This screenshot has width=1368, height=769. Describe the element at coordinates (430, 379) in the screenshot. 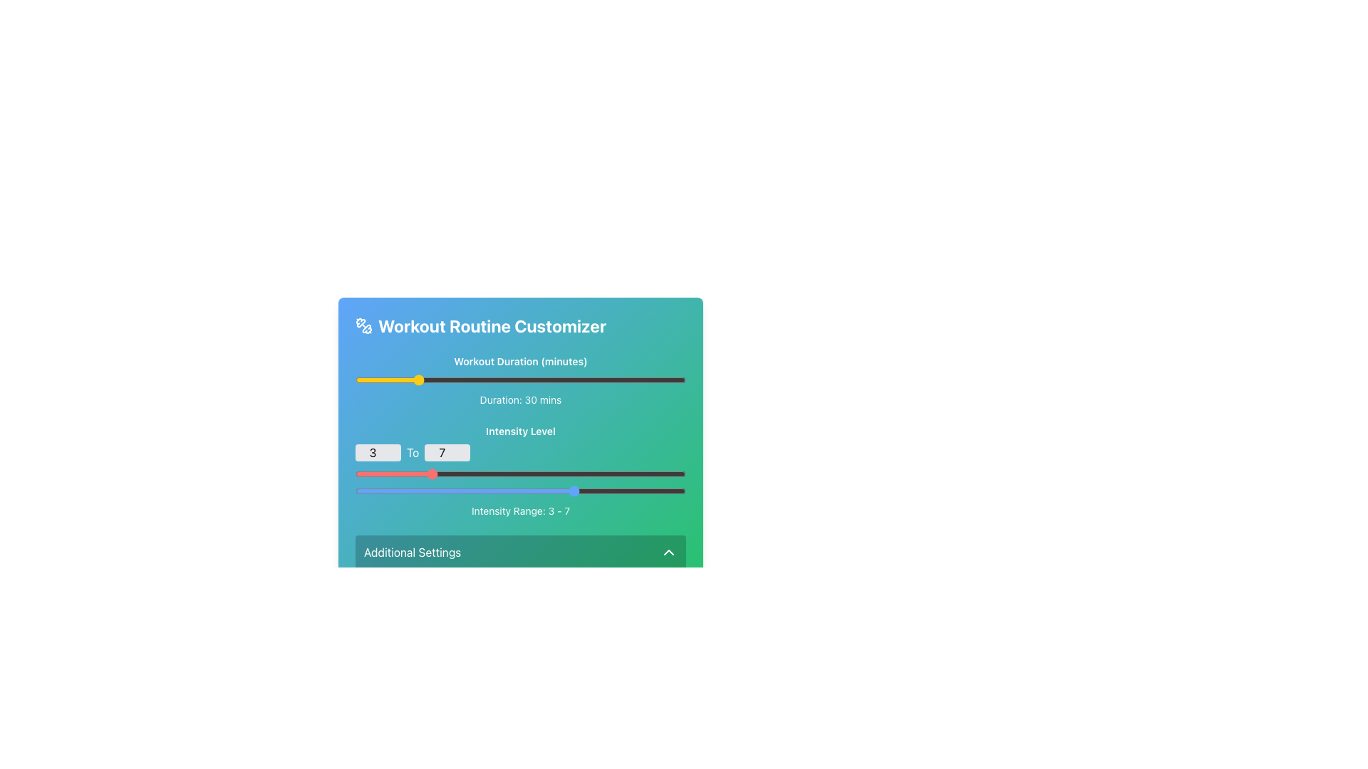

I see `workout duration` at that location.